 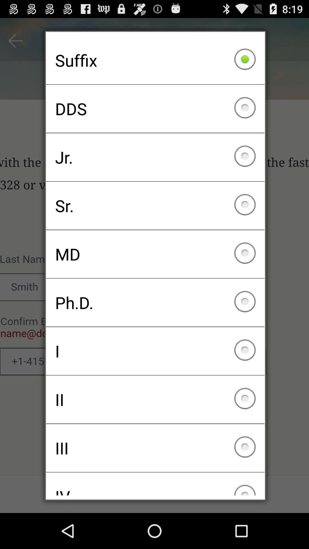 I want to click on the icon above md icon, so click(x=155, y=206).